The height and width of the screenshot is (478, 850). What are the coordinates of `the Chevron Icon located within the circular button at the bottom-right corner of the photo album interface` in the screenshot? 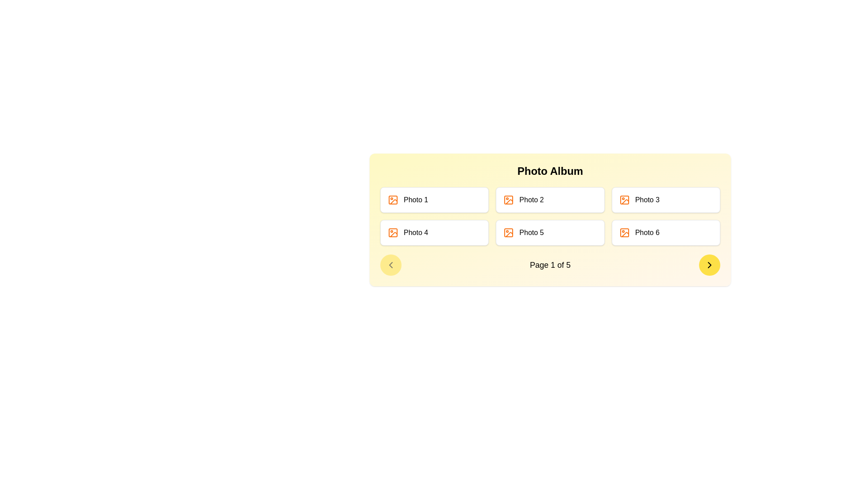 It's located at (710, 264).